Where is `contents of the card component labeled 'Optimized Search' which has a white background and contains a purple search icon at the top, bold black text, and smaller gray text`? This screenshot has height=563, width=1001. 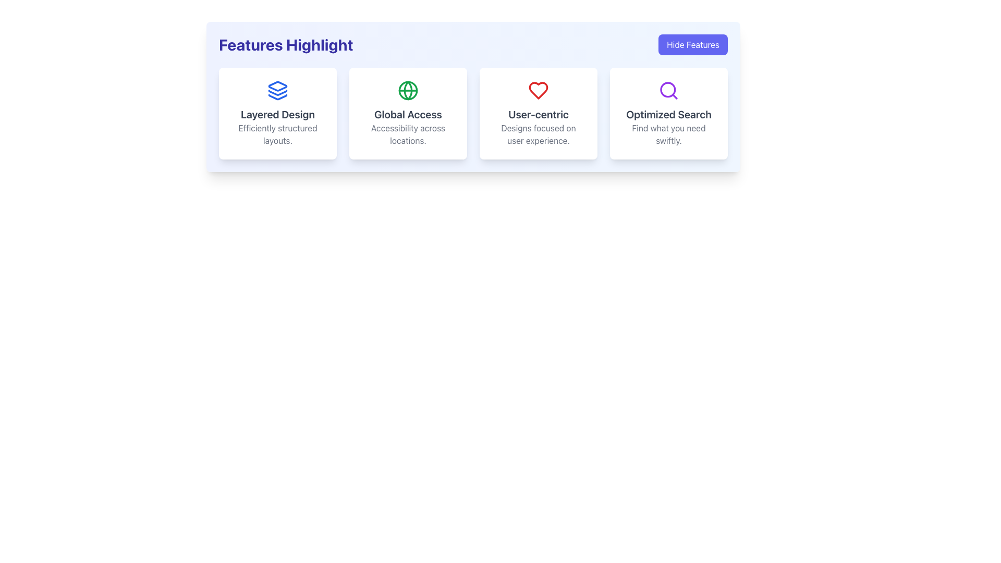
contents of the card component labeled 'Optimized Search' which has a white background and contains a purple search icon at the top, bold black text, and smaller gray text is located at coordinates (668, 114).